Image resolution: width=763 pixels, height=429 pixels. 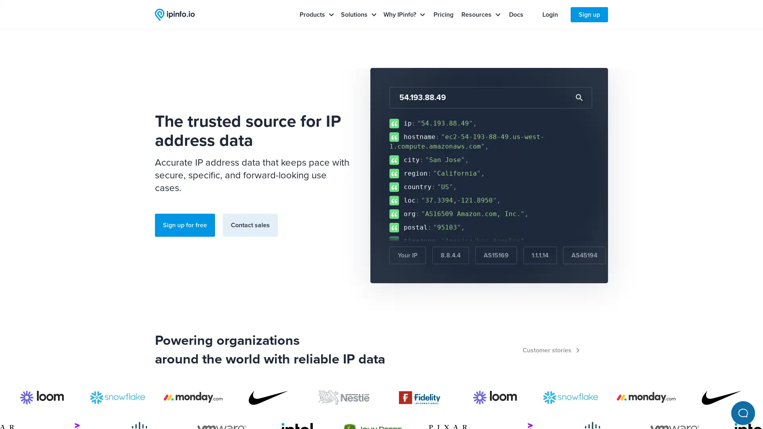 I want to click on Products, so click(x=316, y=15).